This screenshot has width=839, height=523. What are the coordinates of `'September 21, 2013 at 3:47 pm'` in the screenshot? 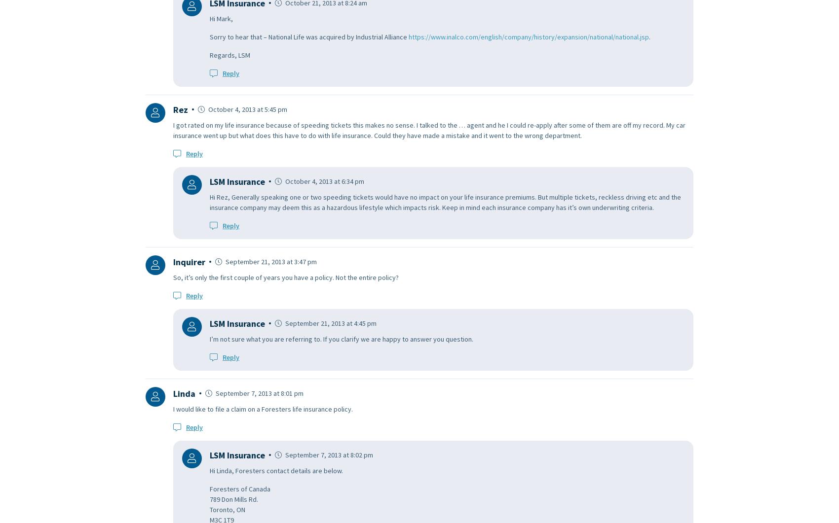 It's located at (270, 261).